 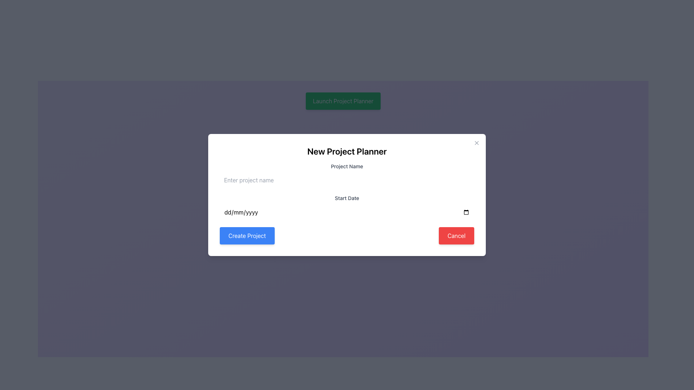 I want to click on text label that displays 'Project Name' located in the top section of the modal dialog box, positioned above the input field labeled 'Enter project name', so click(x=347, y=166).